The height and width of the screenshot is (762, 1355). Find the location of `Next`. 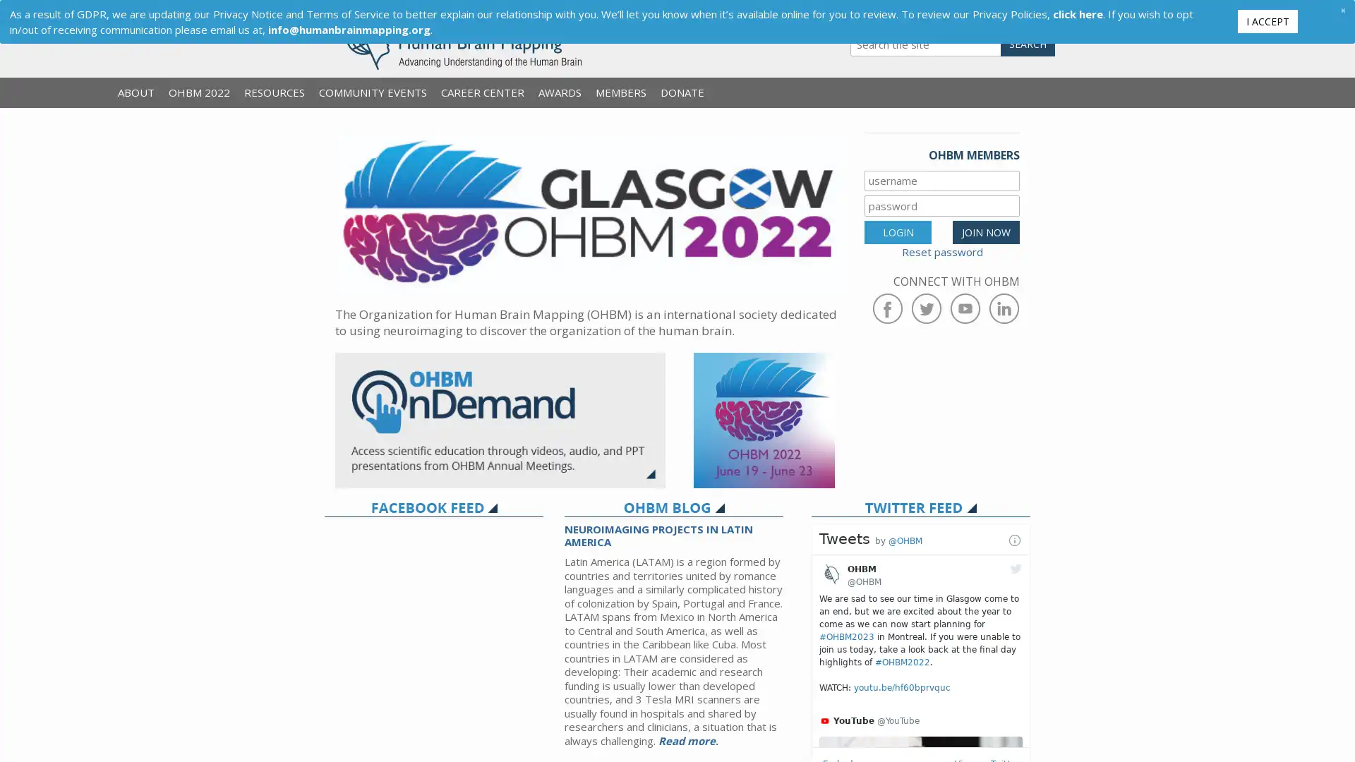

Next is located at coordinates (805, 212).